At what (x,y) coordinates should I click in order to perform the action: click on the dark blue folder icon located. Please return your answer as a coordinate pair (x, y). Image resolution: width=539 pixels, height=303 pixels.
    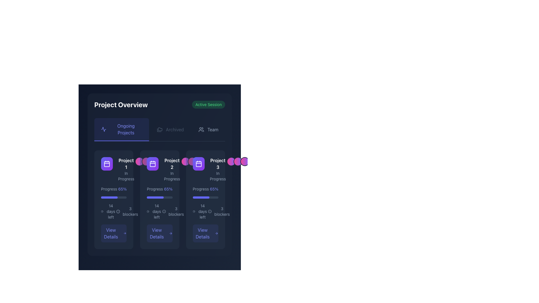
    Looking at the image, I should click on (160, 129).